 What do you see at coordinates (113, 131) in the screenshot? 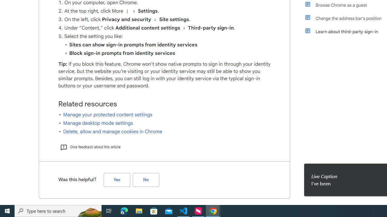
I see `'Delete, allow and manage cookies in Chrome'` at bounding box center [113, 131].